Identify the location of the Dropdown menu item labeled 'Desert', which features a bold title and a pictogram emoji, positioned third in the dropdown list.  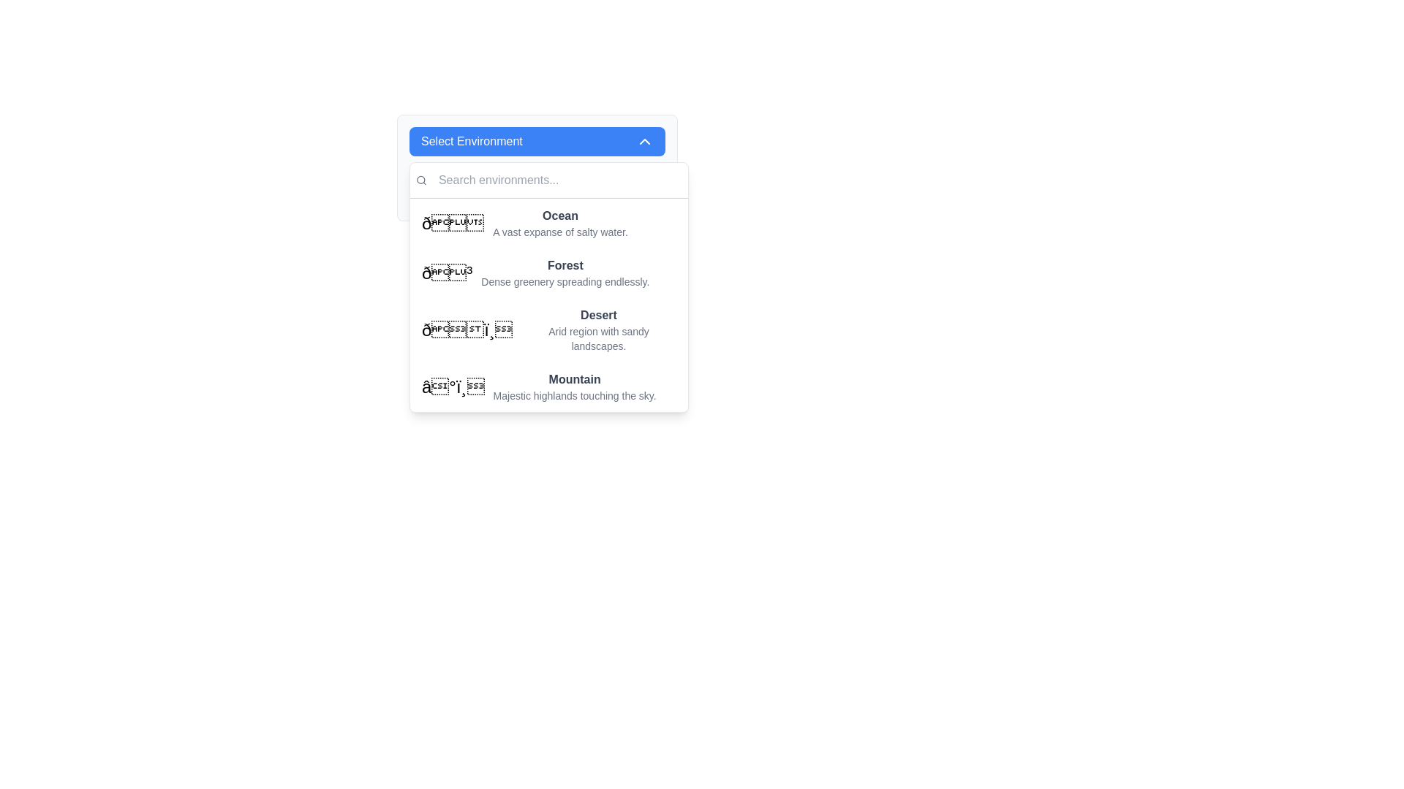
(548, 329).